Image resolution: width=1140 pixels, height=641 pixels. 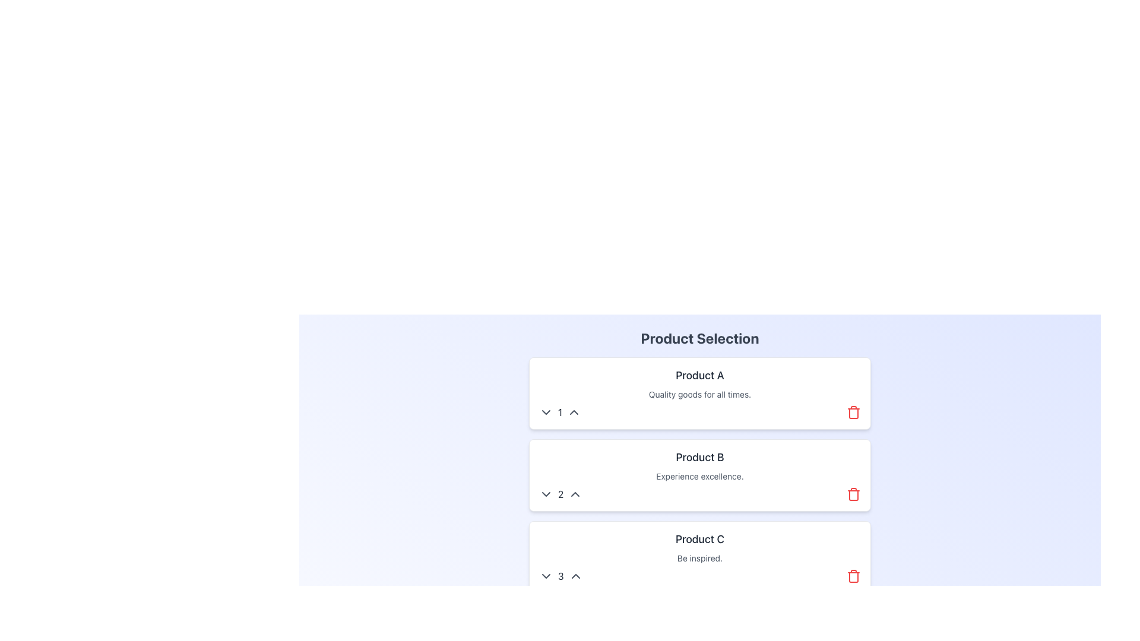 I want to click on text from the bold, large text block that says 'Product Selection', which is centered at the top of its section, so click(x=700, y=338).